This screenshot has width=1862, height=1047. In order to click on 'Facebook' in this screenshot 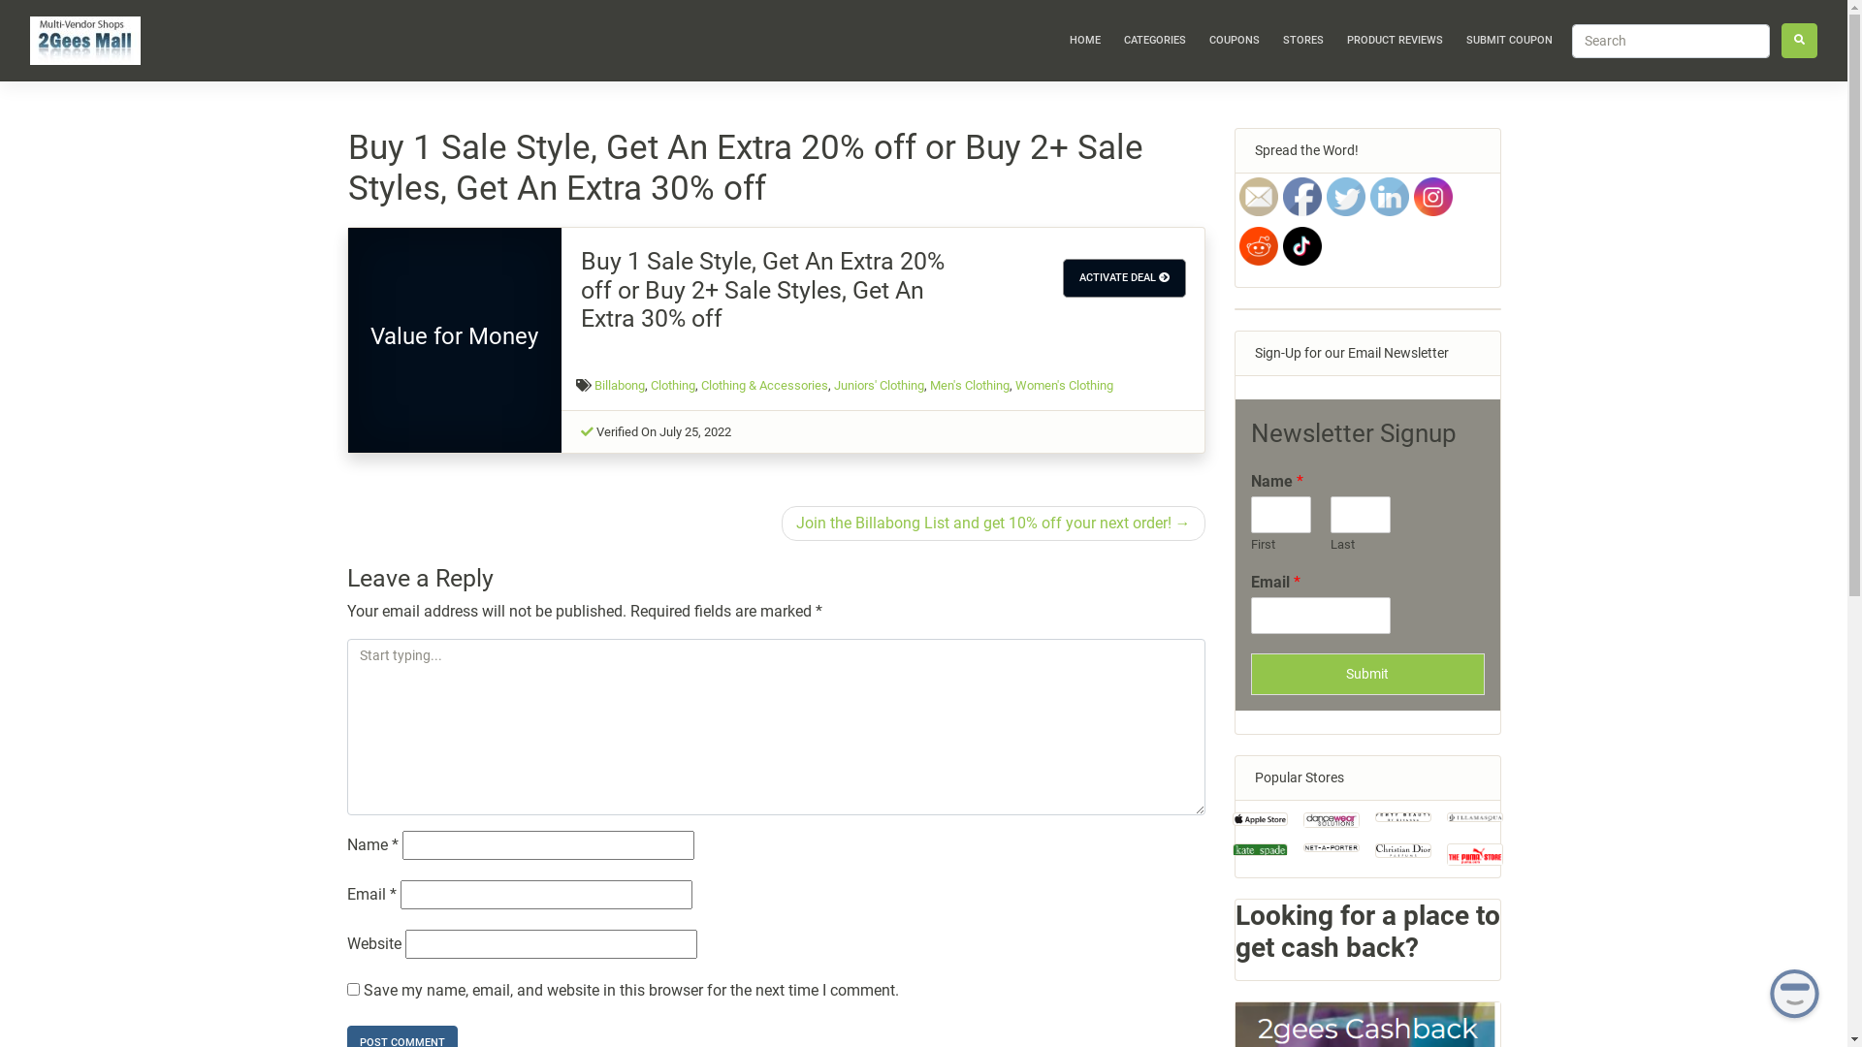, I will do `click(1301, 197)`.